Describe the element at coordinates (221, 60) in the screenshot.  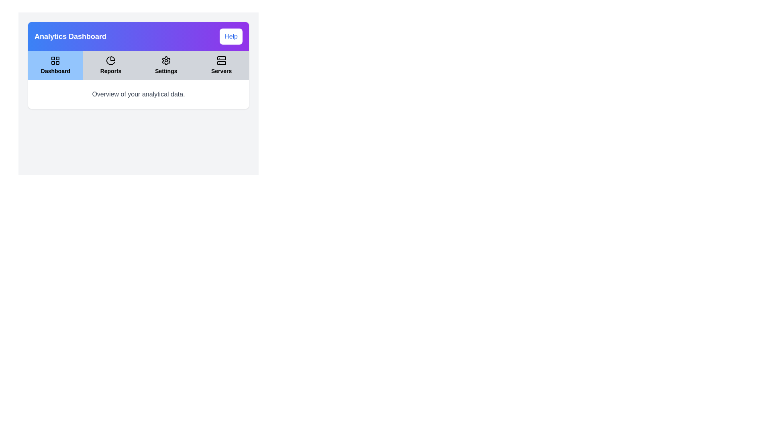
I see `the server stack icon in the navigation bar` at that location.